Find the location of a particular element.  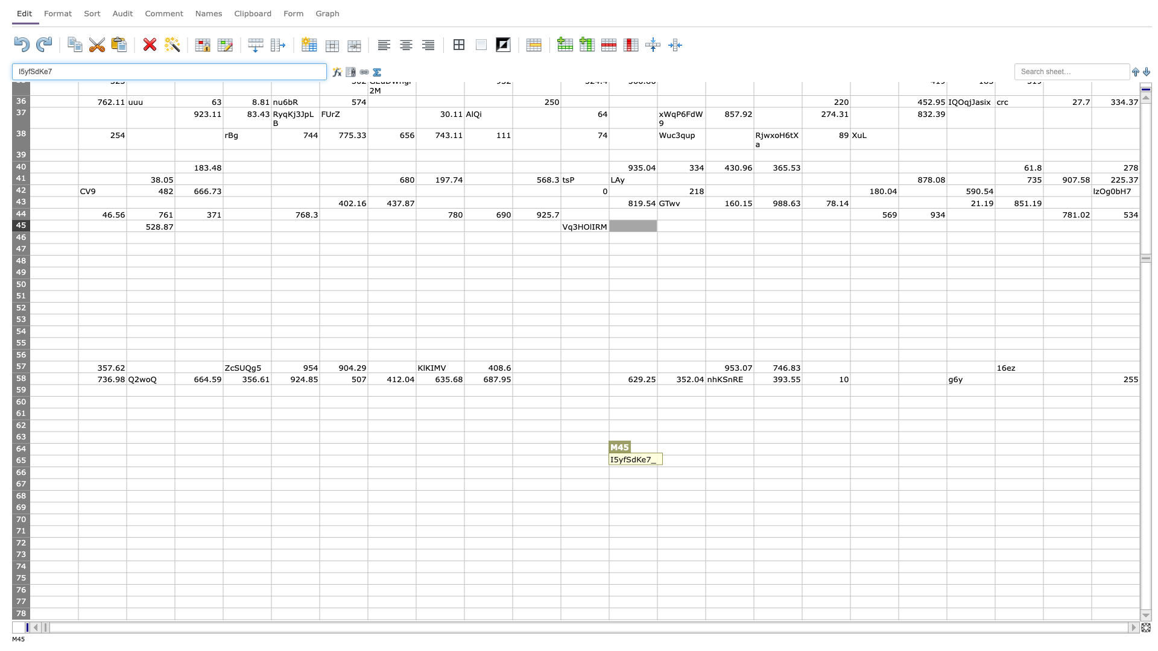

Place cursor on bottom right corner of O65 is located at coordinates (753, 466).